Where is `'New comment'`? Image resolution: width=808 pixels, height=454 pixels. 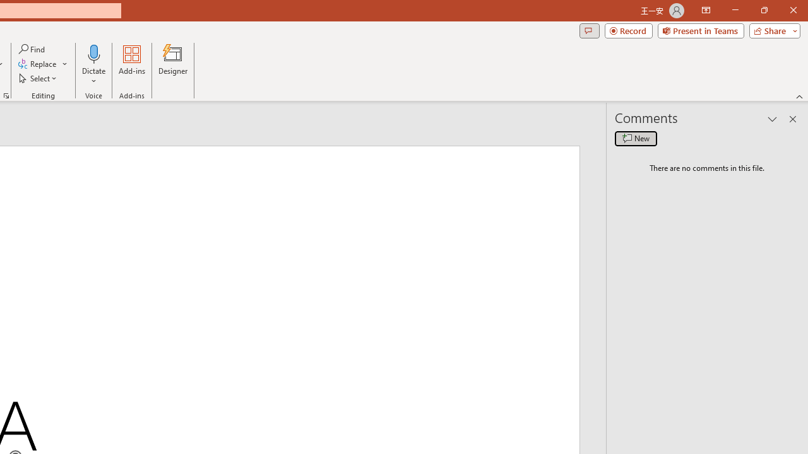 'New comment' is located at coordinates (636, 138).